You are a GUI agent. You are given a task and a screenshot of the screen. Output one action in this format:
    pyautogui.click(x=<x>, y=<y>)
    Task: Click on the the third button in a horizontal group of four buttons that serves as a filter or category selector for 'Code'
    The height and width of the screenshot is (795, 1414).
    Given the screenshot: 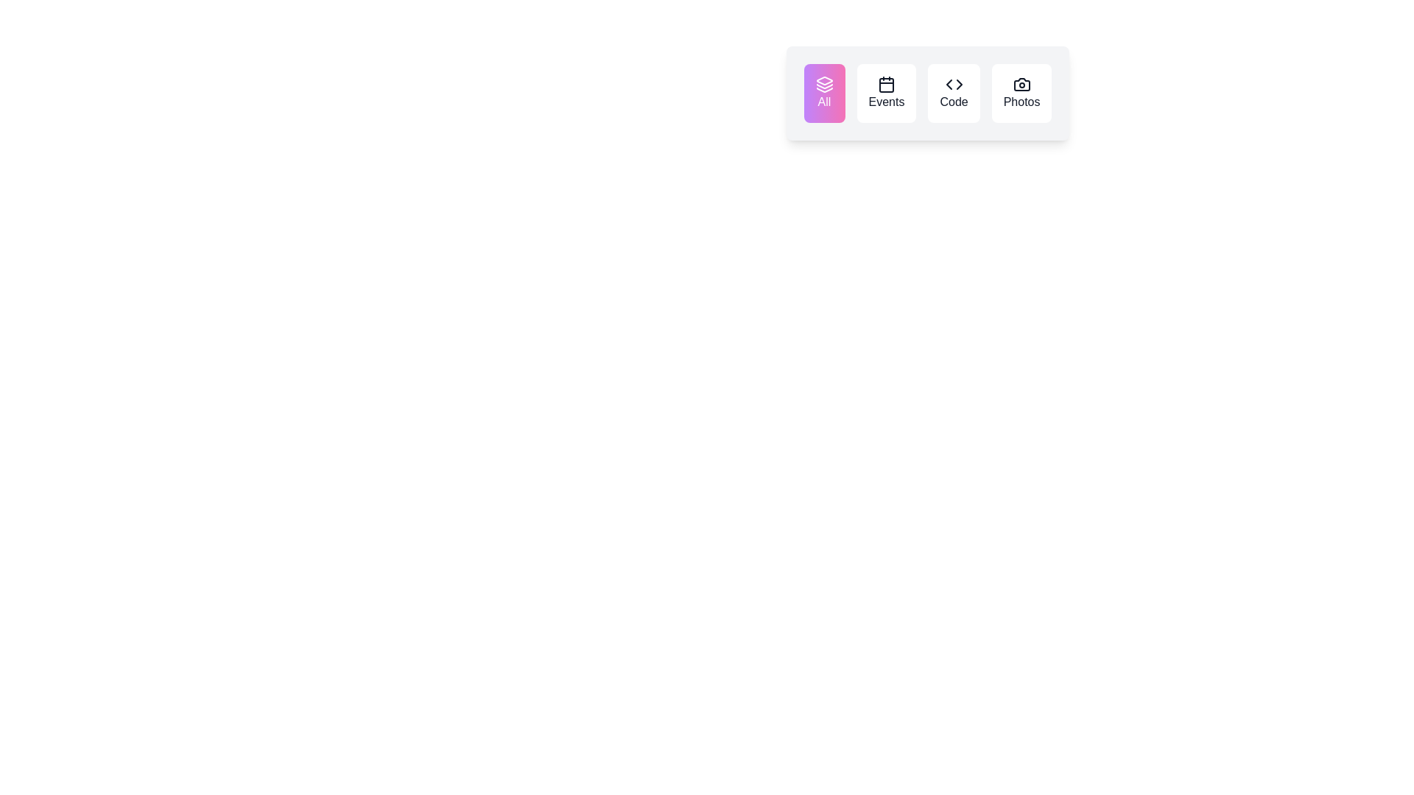 What is the action you would take?
    pyautogui.click(x=926, y=93)
    